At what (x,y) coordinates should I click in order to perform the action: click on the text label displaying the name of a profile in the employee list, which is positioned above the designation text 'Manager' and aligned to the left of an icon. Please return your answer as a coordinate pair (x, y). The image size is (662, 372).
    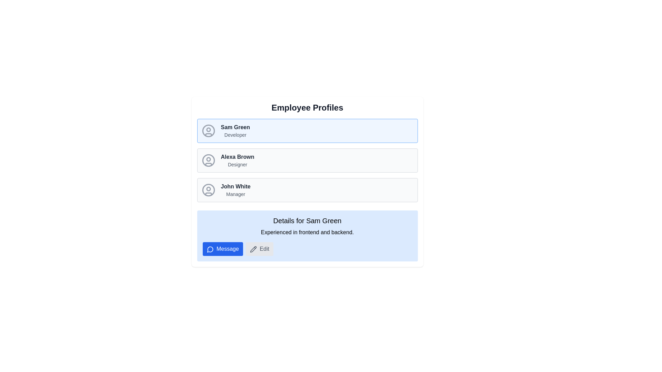
    Looking at the image, I should click on (235, 187).